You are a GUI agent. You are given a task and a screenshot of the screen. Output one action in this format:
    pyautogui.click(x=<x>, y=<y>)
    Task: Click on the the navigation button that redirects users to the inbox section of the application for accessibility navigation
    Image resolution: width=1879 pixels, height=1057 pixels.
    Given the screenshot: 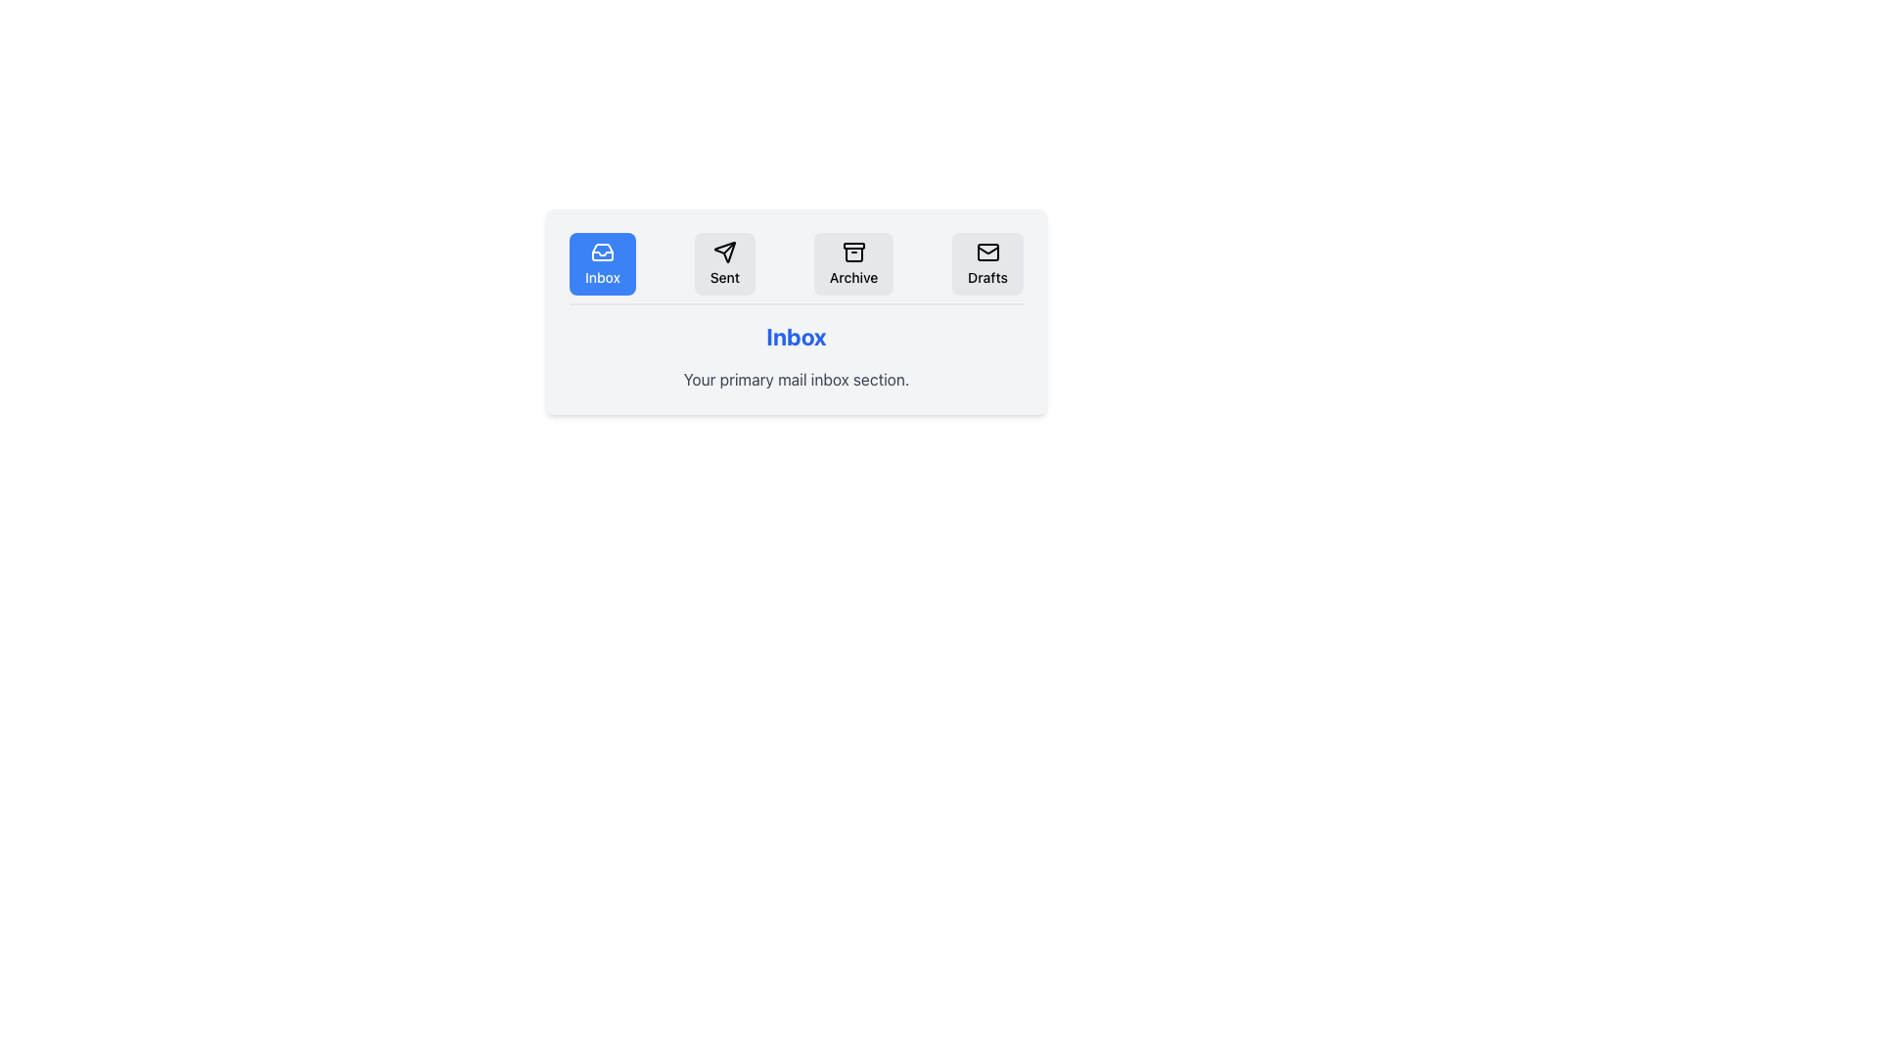 What is the action you would take?
    pyautogui.click(x=601, y=264)
    